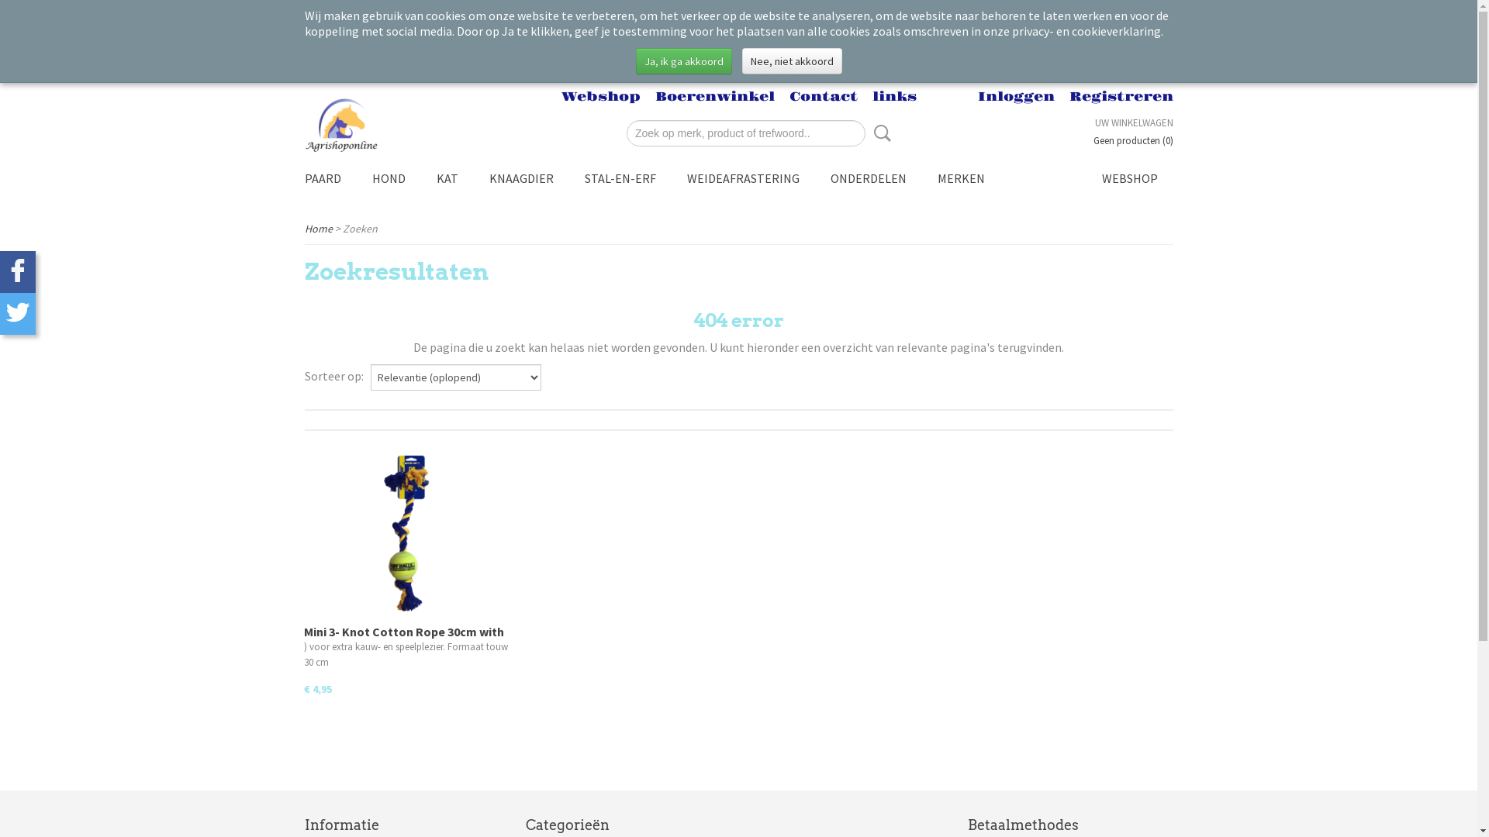  What do you see at coordinates (321, 177) in the screenshot?
I see `'PAARD'` at bounding box center [321, 177].